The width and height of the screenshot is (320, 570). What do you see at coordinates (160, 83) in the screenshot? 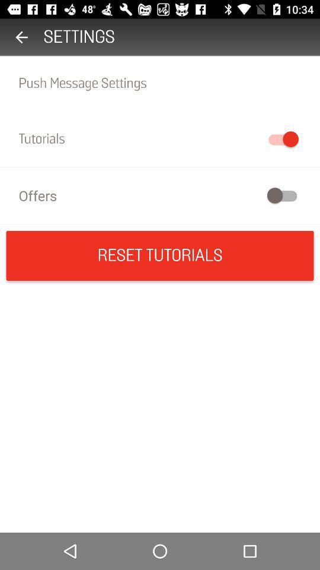
I see `the push message settings` at bounding box center [160, 83].